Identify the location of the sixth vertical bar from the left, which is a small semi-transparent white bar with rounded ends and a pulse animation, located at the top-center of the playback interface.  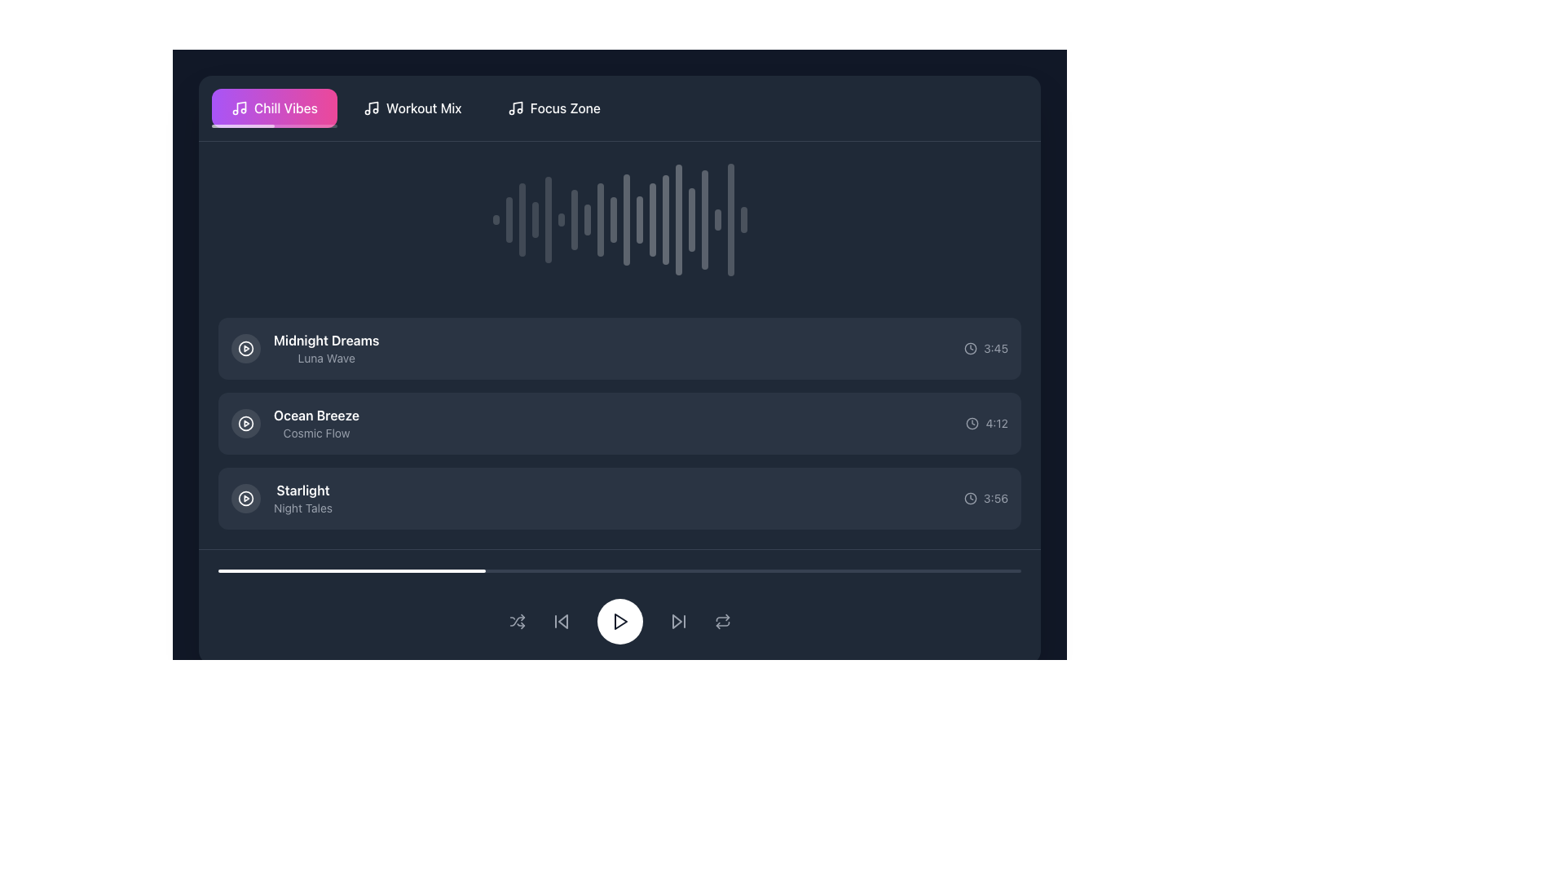
(561, 220).